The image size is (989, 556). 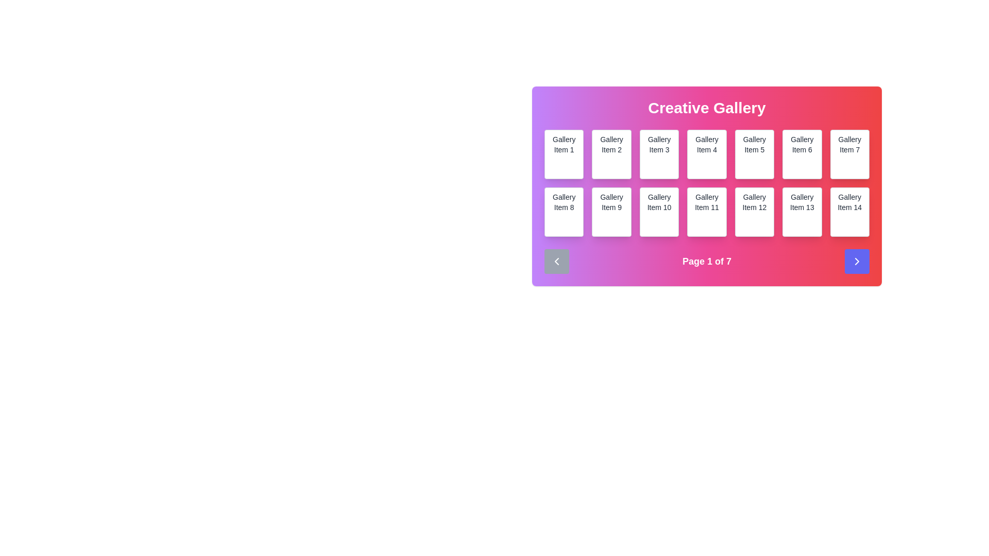 What do you see at coordinates (564, 212) in the screenshot?
I see `the white rectangular card labeled 'Gallery Item 8', which is styled with rounded corners and a thin gray border, located in the leftmost column of the second row in the grid layout` at bounding box center [564, 212].